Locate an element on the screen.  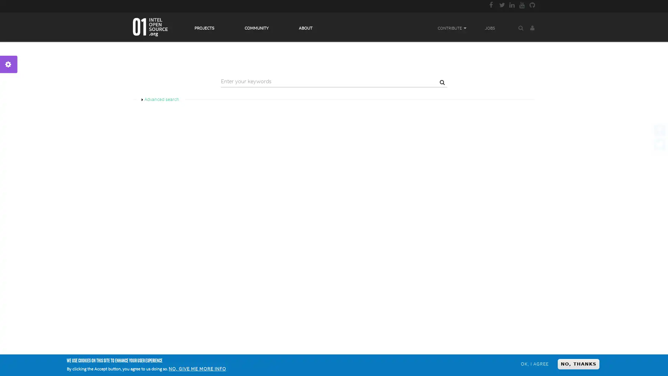
OK, I AGREE is located at coordinates (534, 363).